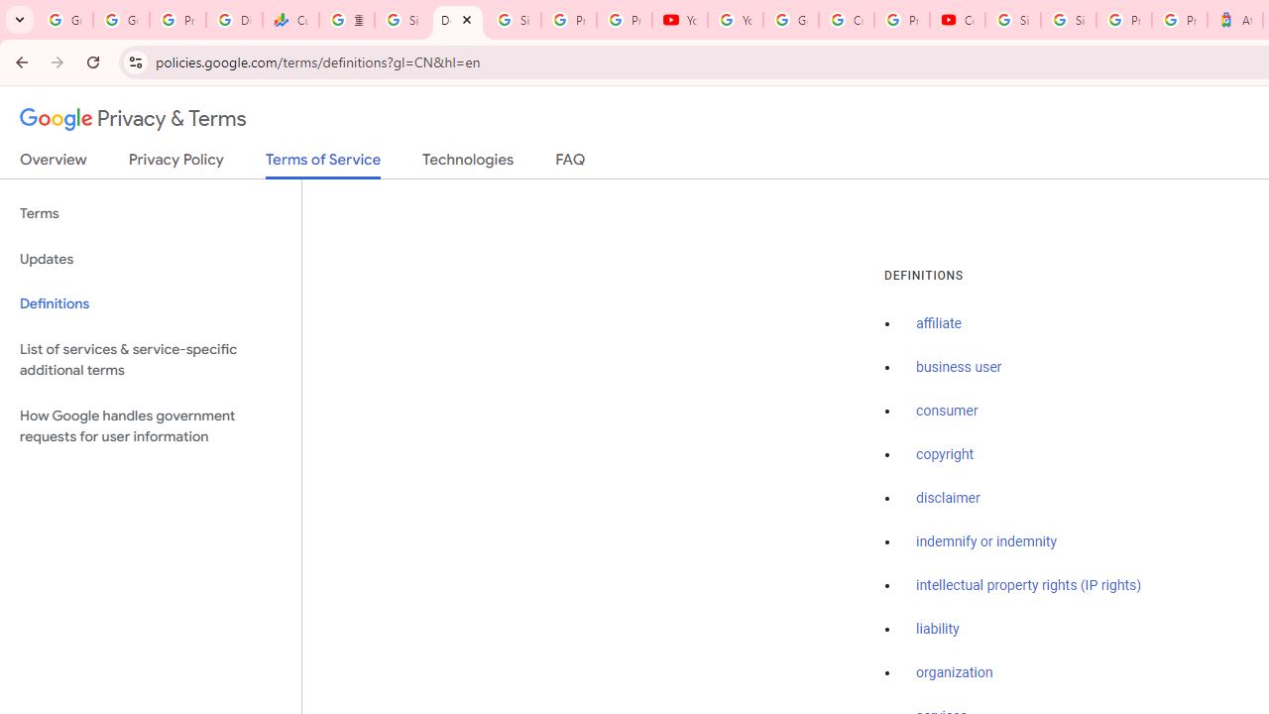 The height and width of the screenshot is (714, 1269). Describe the element at coordinates (790, 20) in the screenshot. I see `'Google Account Help'` at that location.